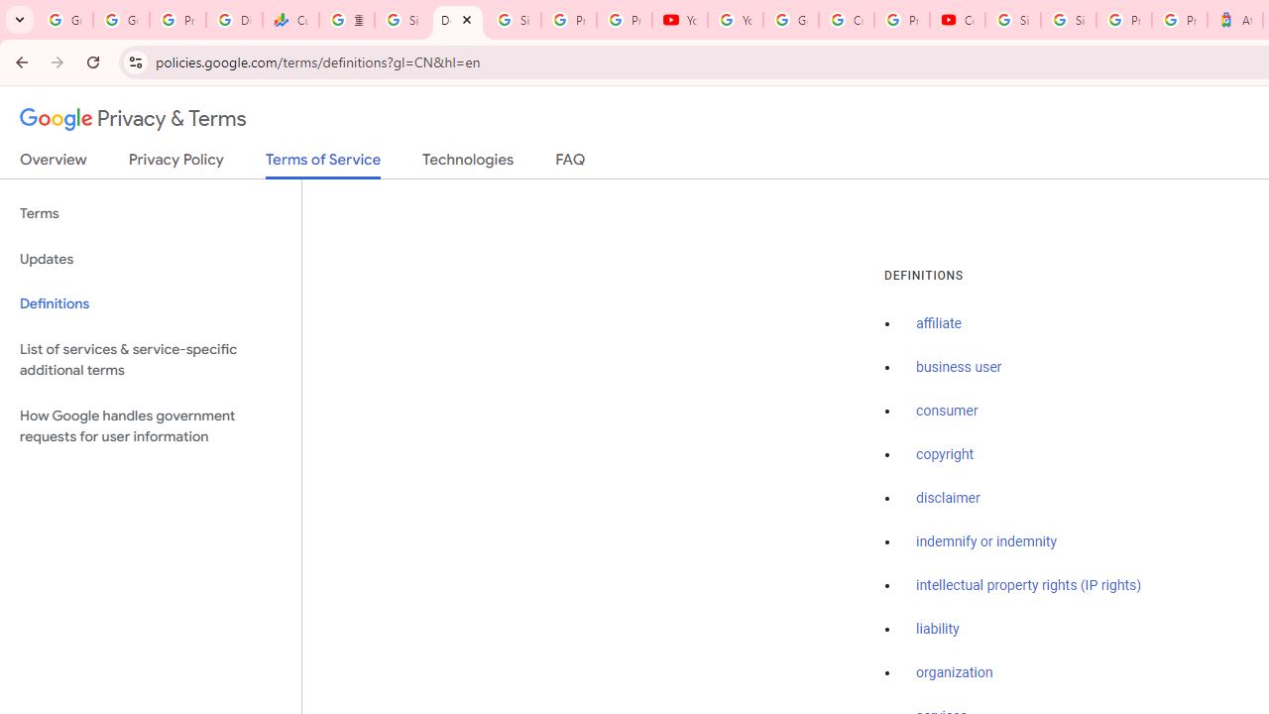 The height and width of the screenshot is (714, 1269). Describe the element at coordinates (790, 20) in the screenshot. I see `'Google Account Help'` at that location.